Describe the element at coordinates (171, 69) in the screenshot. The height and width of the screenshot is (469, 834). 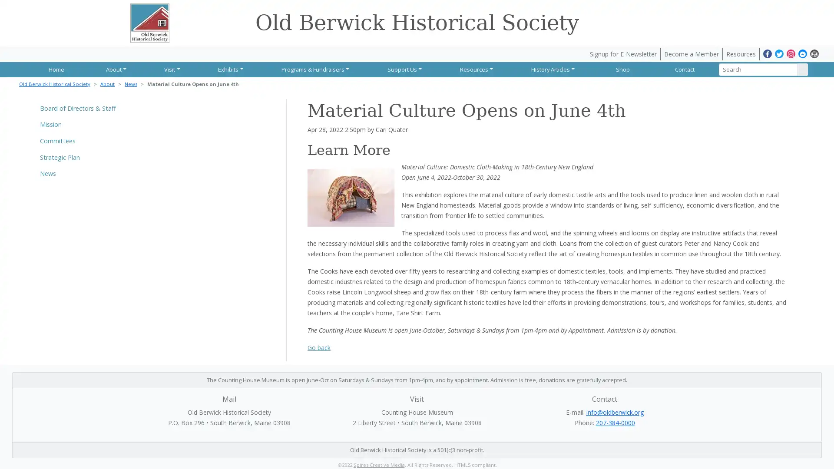
I see `Visit` at that location.